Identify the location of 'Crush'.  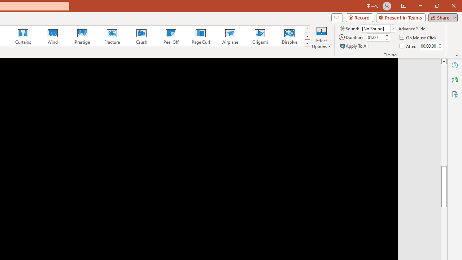
(141, 36).